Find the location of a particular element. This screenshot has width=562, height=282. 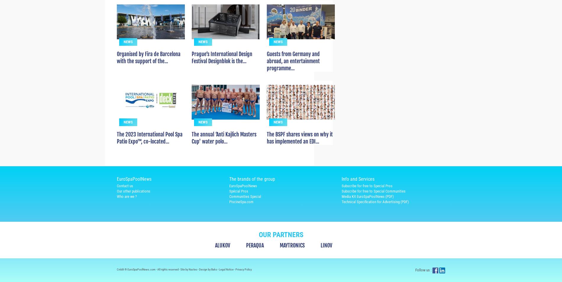

'Legal Notice' is located at coordinates (226, 280).